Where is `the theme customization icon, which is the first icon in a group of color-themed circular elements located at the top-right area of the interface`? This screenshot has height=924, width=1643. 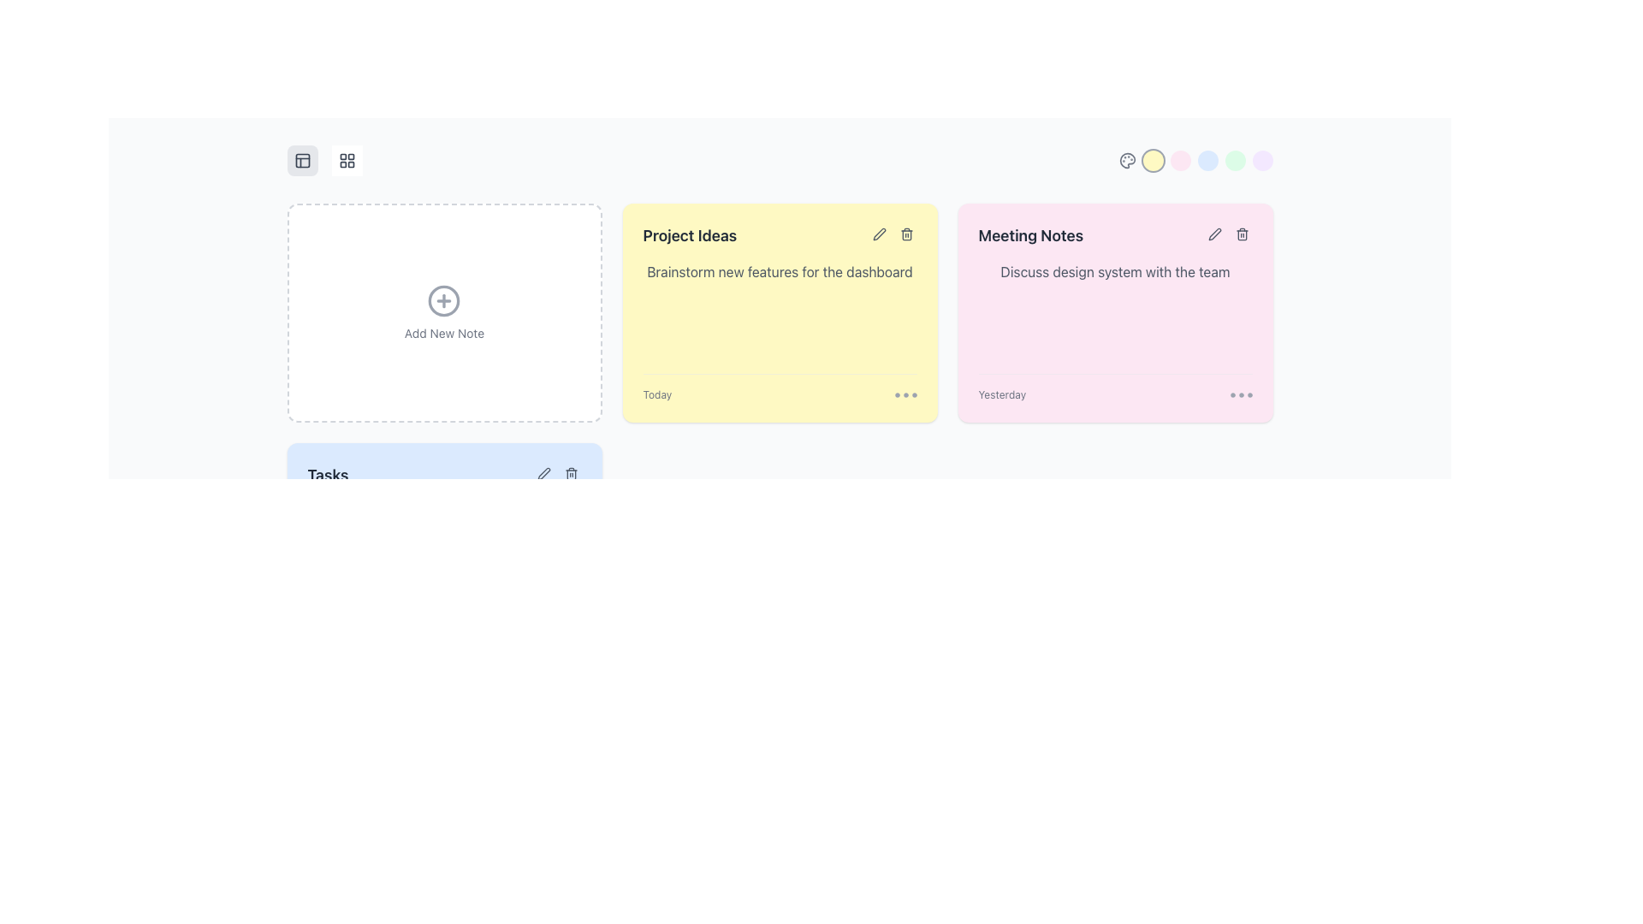
the theme customization icon, which is the first icon in a group of color-themed circular elements located at the top-right area of the interface is located at coordinates (1127, 161).